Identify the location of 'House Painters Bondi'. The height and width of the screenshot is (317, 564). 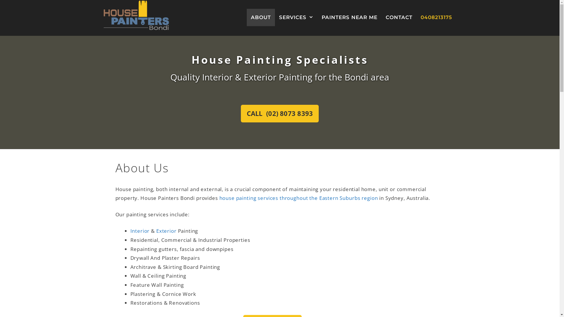
(135, 15).